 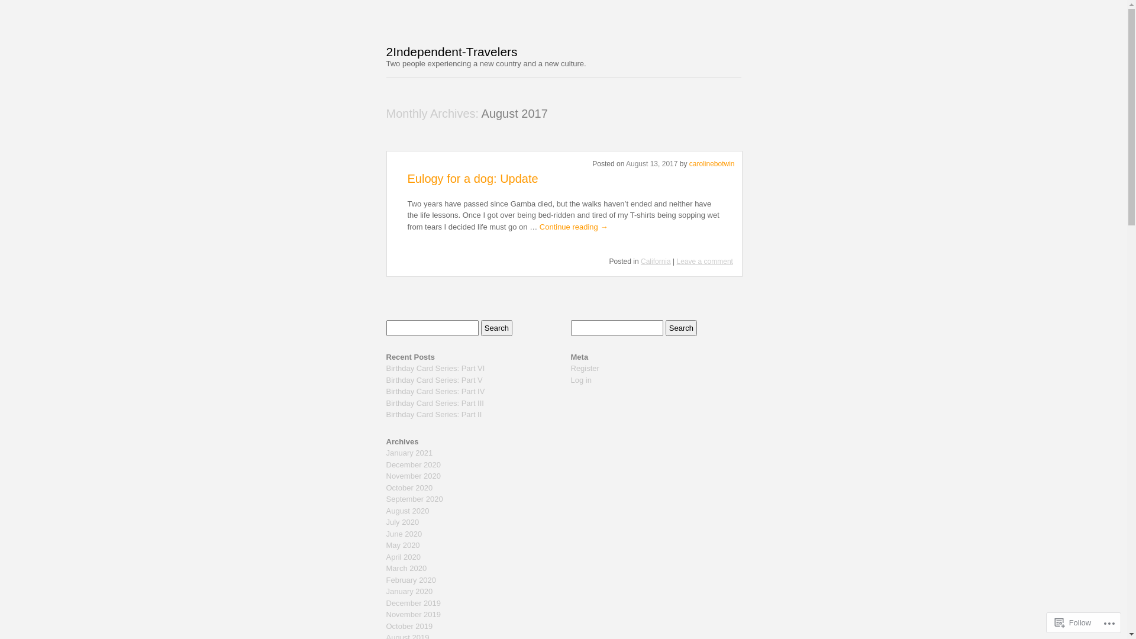 What do you see at coordinates (386, 579) in the screenshot?
I see `'February 2020'` at bounding box center [386, 579].